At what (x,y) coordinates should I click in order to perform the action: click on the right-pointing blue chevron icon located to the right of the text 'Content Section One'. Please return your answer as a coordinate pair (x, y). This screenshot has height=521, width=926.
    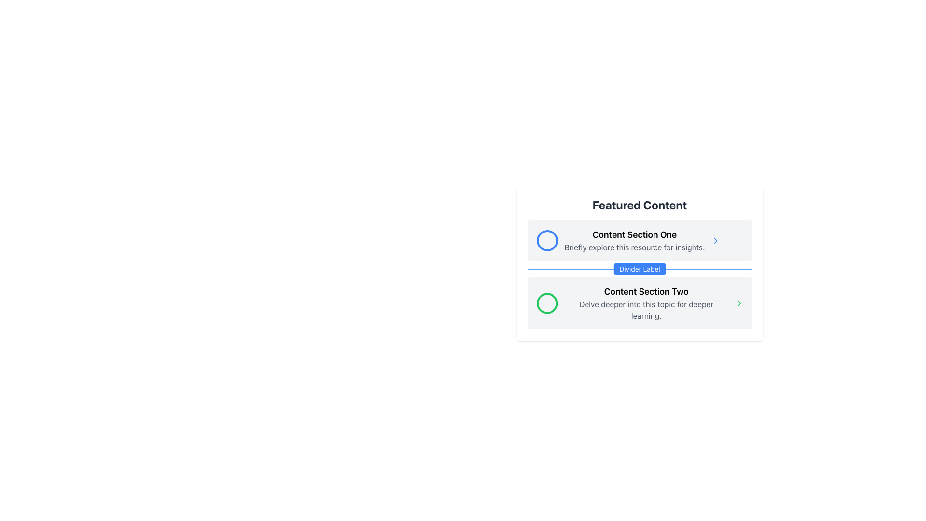
    Looking at the image, I should click on (715, 240).